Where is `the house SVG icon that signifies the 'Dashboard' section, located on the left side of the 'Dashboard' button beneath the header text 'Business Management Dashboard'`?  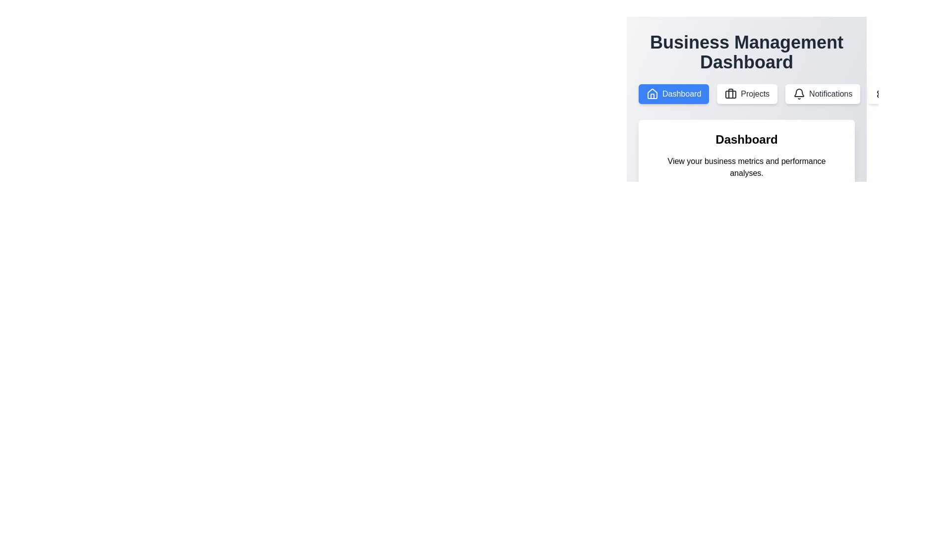
the house SVG icon that signifies the 'Dashboard' section, located on the left side of the 'Dashboard' button beneath the header text 'Business Management Dashboard' is located at coordinates (652, 94).